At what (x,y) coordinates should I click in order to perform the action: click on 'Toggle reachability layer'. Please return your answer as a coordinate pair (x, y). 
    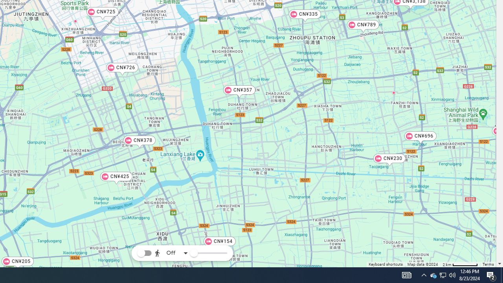
    Looking at the image, I should click on (144, 253).